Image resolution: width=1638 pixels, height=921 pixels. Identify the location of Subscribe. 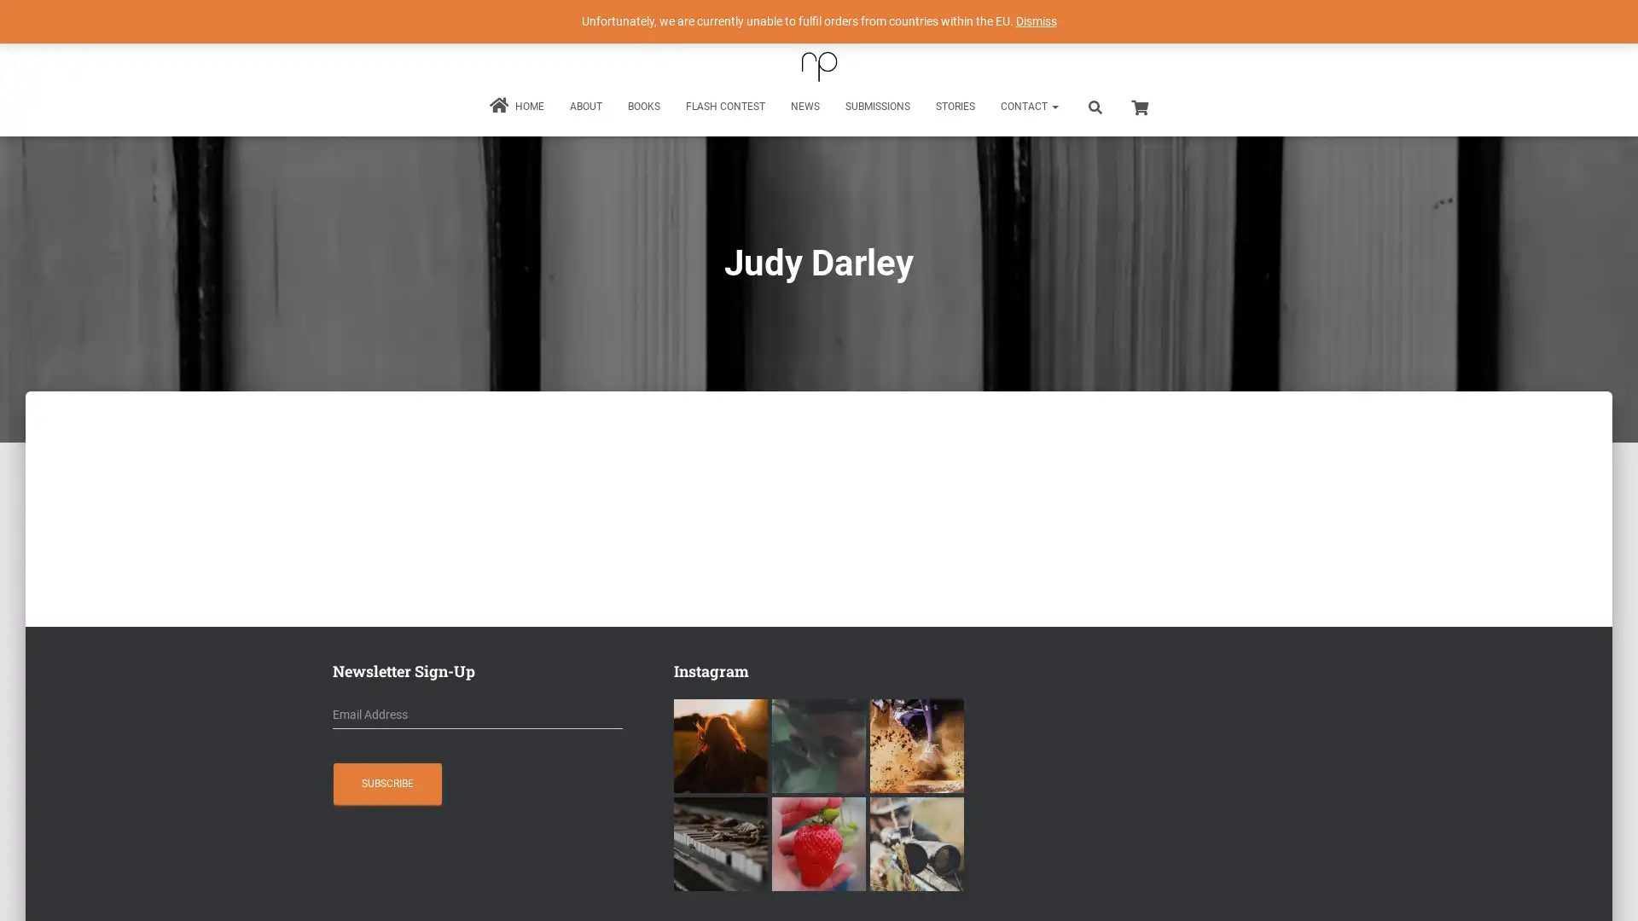
(386, 783).